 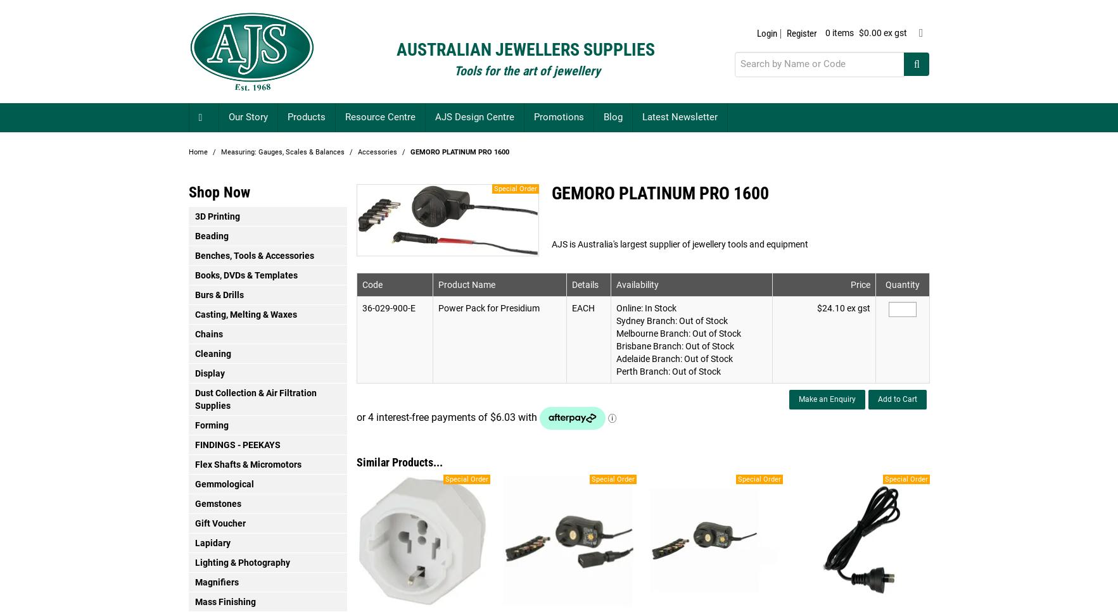 I want to click on '36-029-900-E', so click(x=387, y=307).